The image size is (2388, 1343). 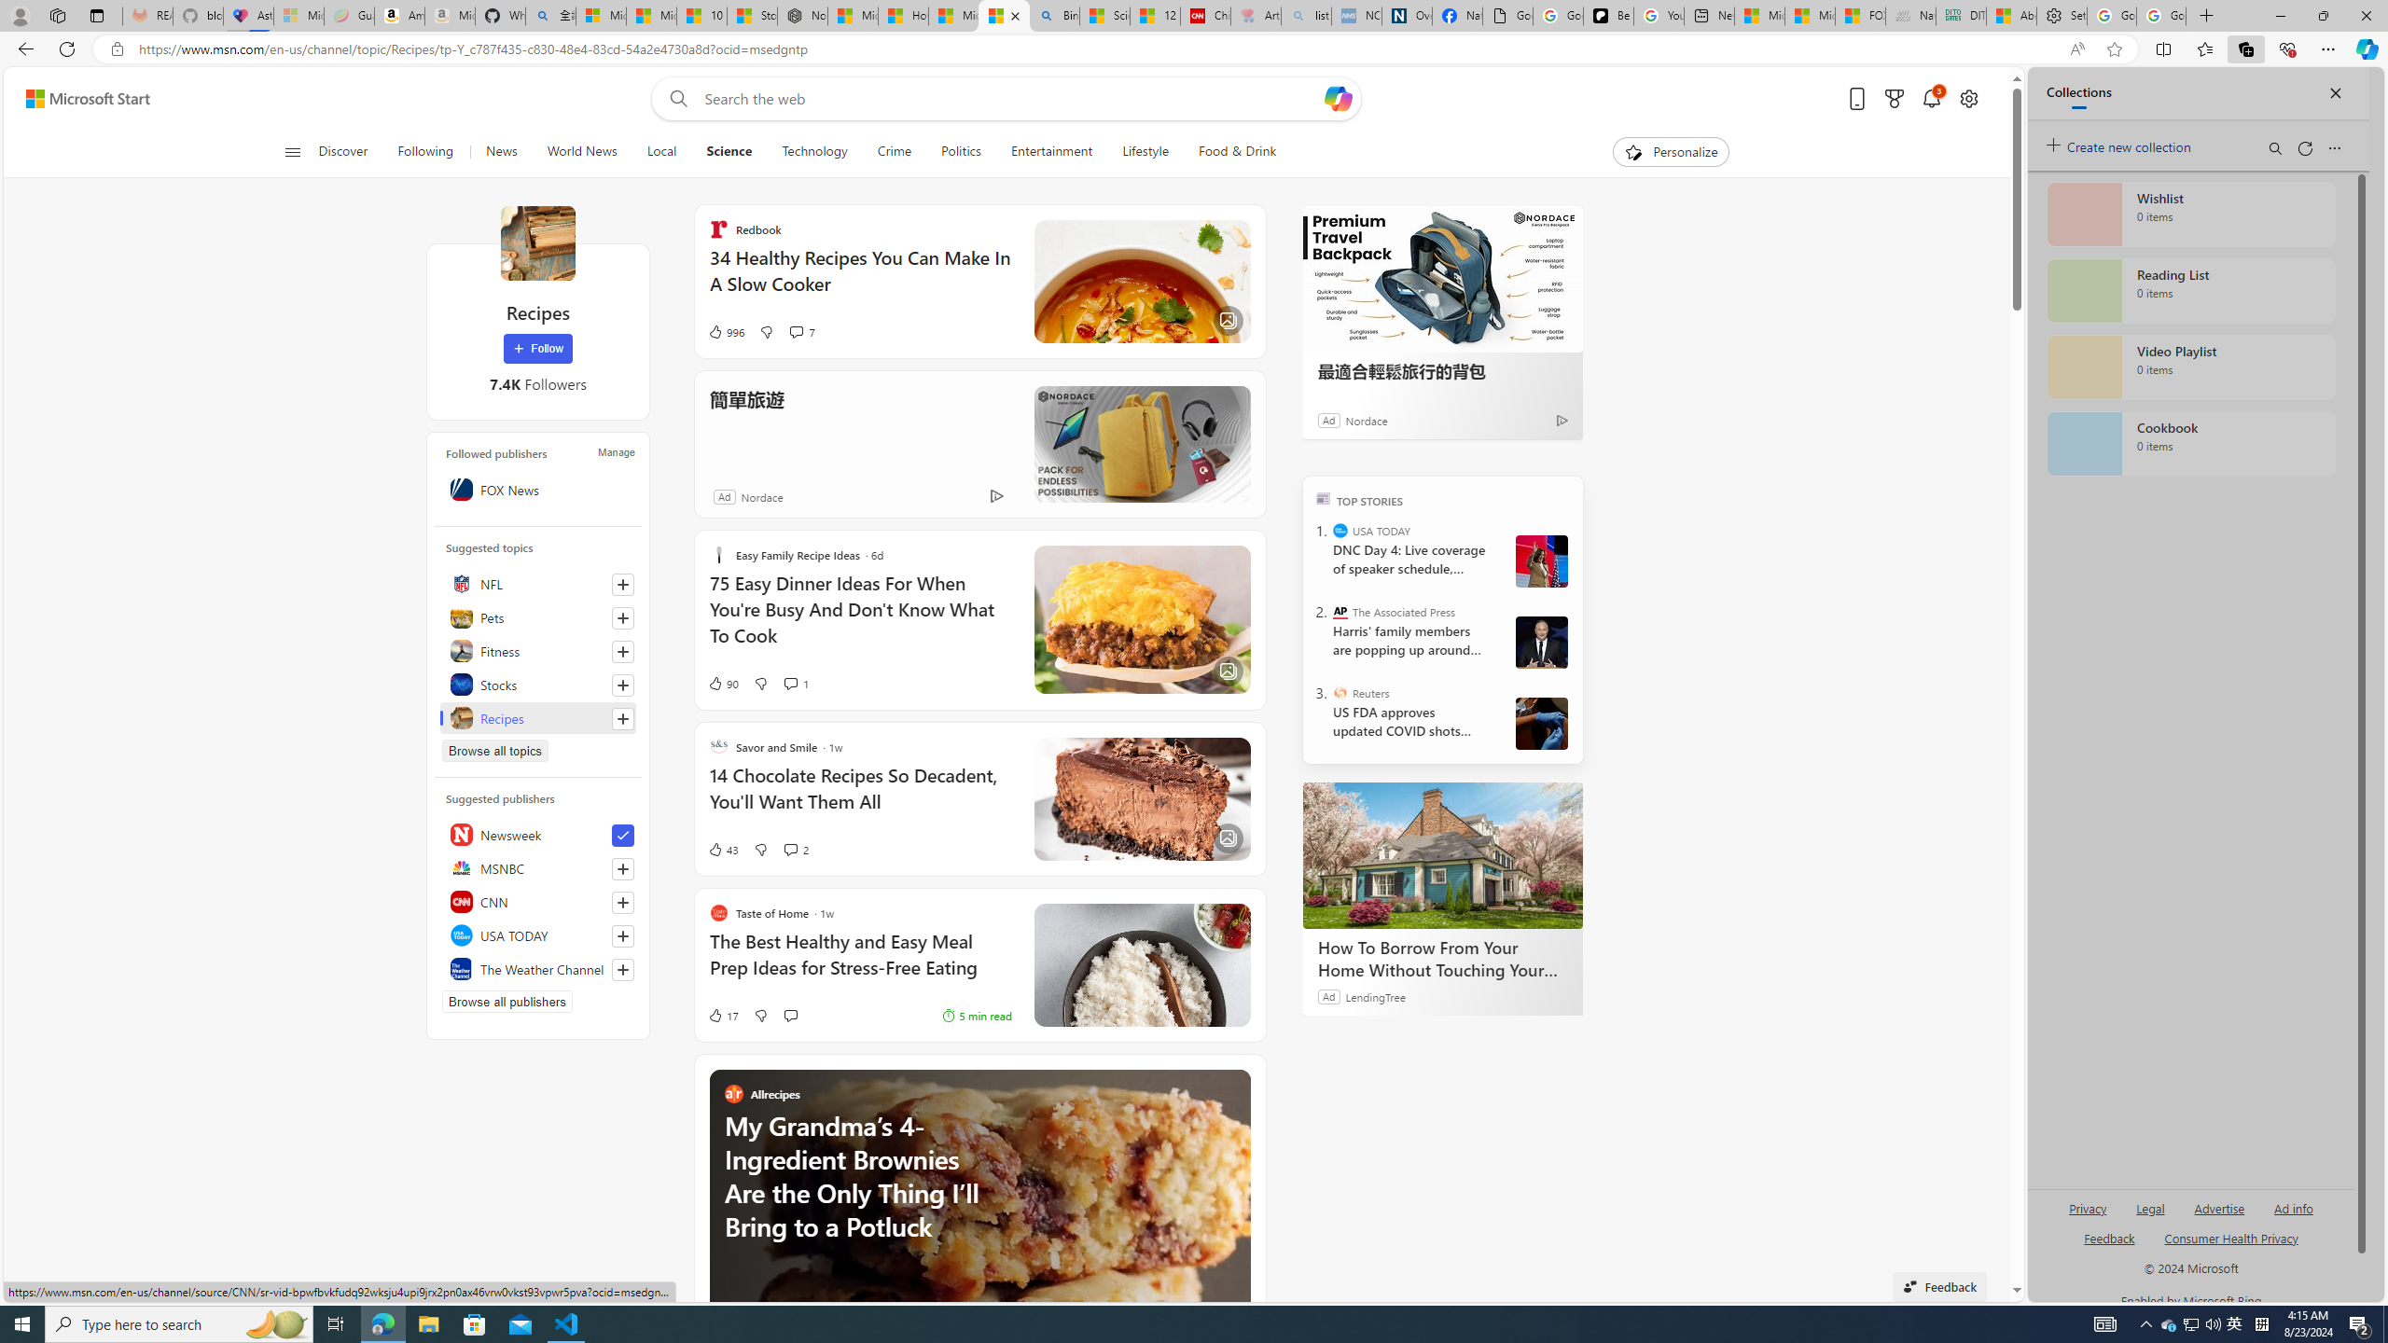 I want to click on 'Perfect Sushi Rice Exps Ft20 256965 F 0730 1 3', so click(x=1141, y=964).